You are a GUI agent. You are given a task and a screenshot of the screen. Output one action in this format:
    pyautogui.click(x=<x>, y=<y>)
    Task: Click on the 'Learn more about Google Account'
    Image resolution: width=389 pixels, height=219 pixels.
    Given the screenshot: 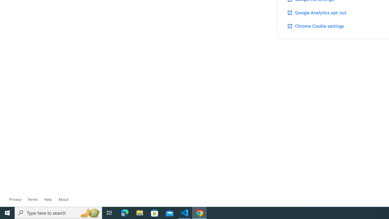 What is the action you would take?
    pyautogui.click(x=63, y=199)
    